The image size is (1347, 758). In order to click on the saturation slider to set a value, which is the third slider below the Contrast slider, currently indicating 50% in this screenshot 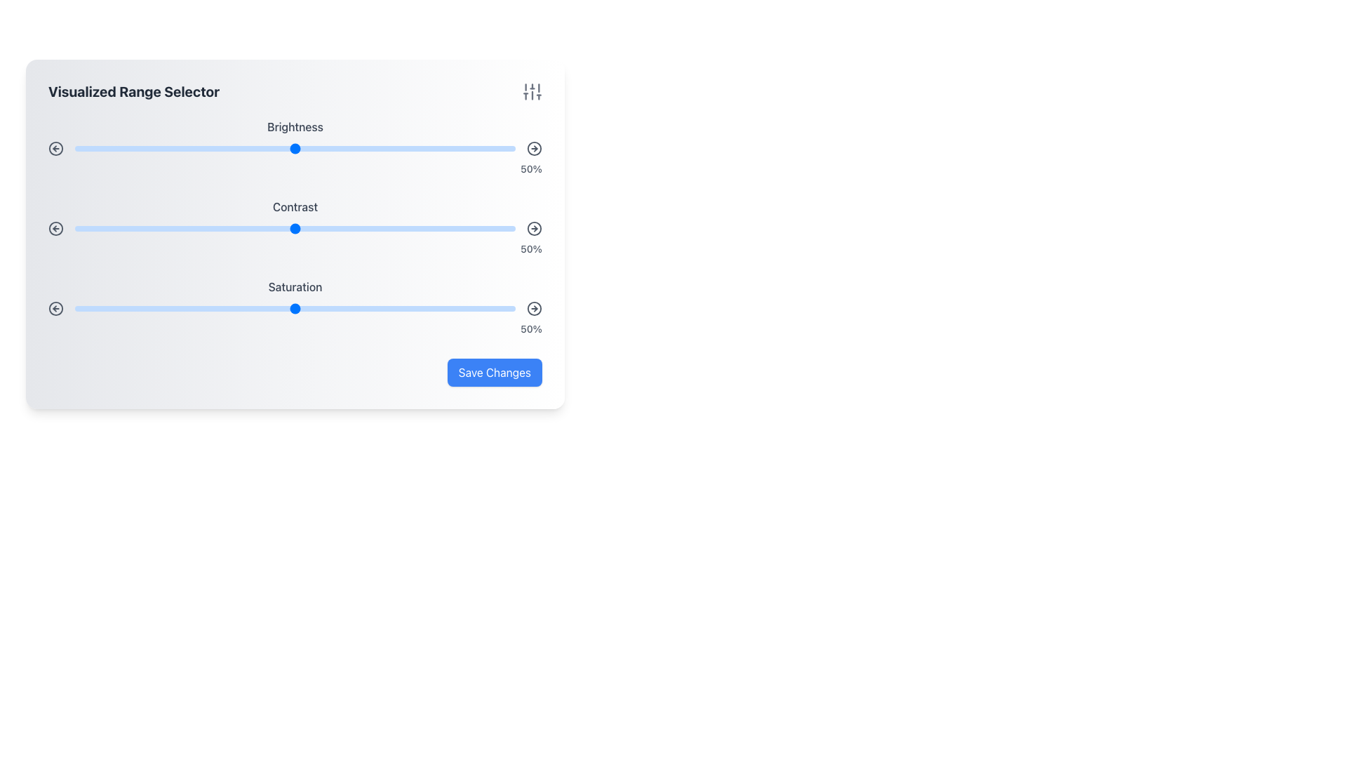, I will do `click(295, 307)`.